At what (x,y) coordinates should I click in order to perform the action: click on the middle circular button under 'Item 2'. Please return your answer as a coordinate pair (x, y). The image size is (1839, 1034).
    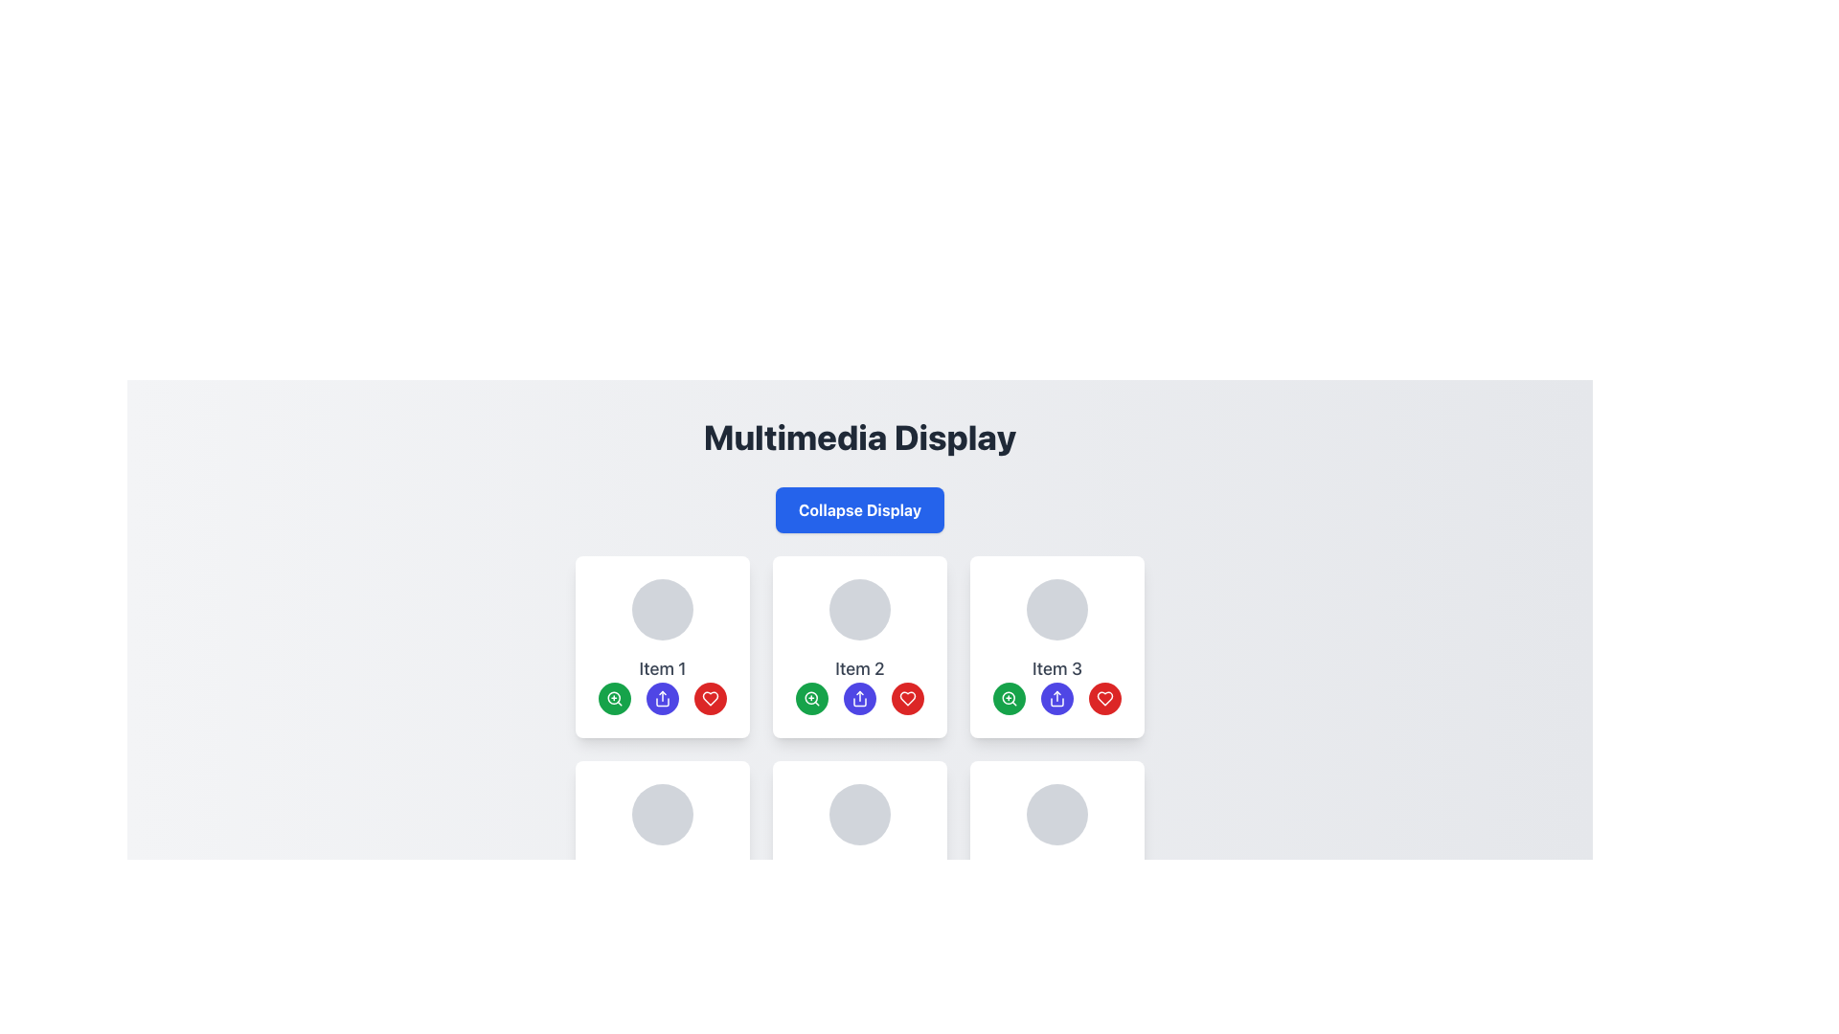
    Looking at the image, I should click on (858, 698).